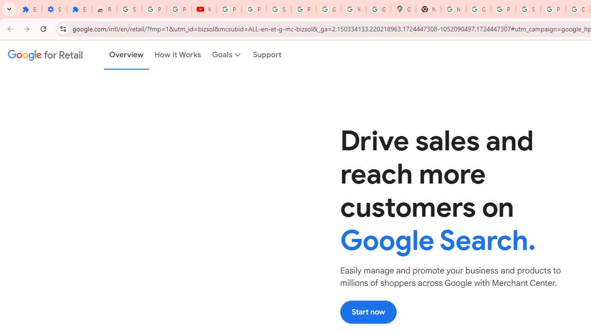 The image size is (591, 332). What do you see at coordinates (227, 55) in the screenshot?
I see `'Goals'` at bounding box center [227, 55].